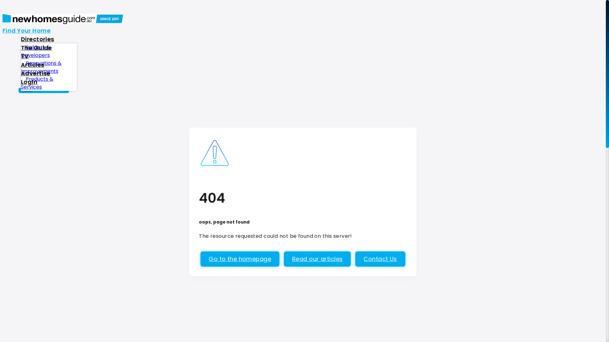 The width and height of the screenshot is (609, 342). I want to click on 'TV', so click(25, 55).